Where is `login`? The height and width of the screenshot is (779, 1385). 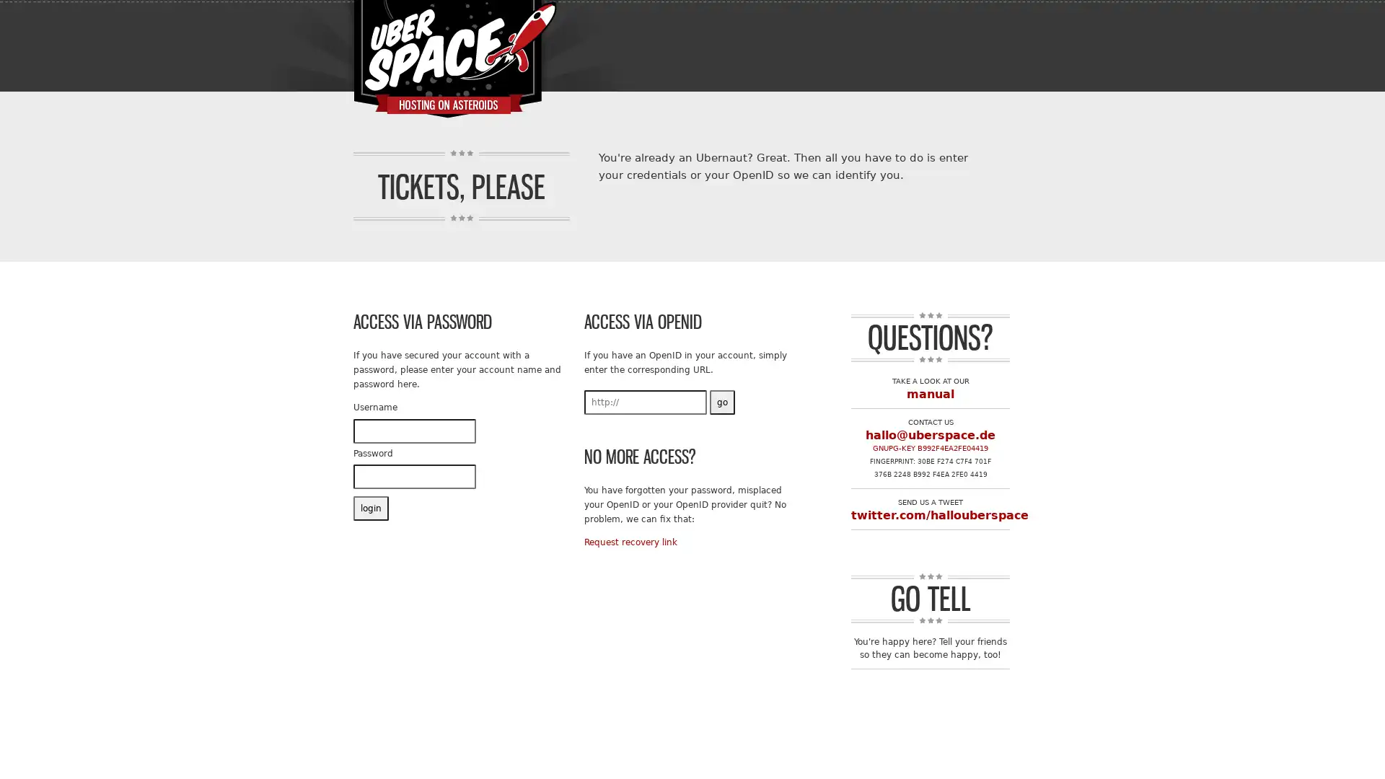
login is located at coordinates (371, 508).